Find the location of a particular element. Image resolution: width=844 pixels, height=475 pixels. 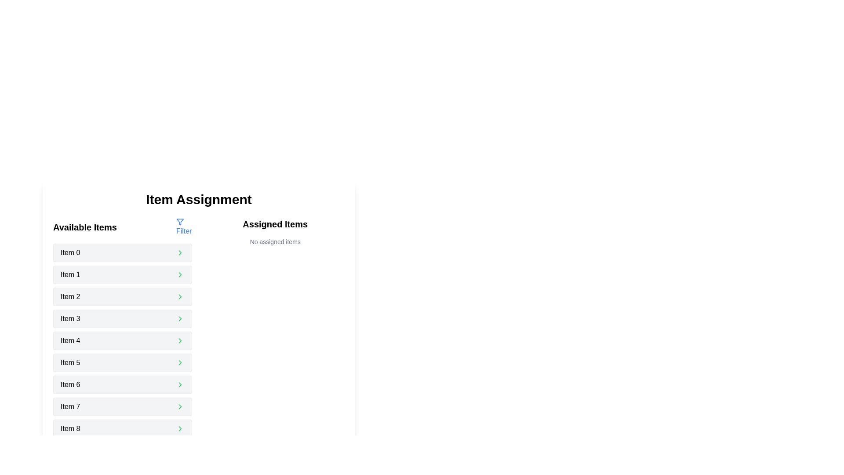

the 'Assigned Items' text label, which serves as a section title indicating the focus on assigned items, located in the center-right area of the main interface is located at coordinates (275, 227).